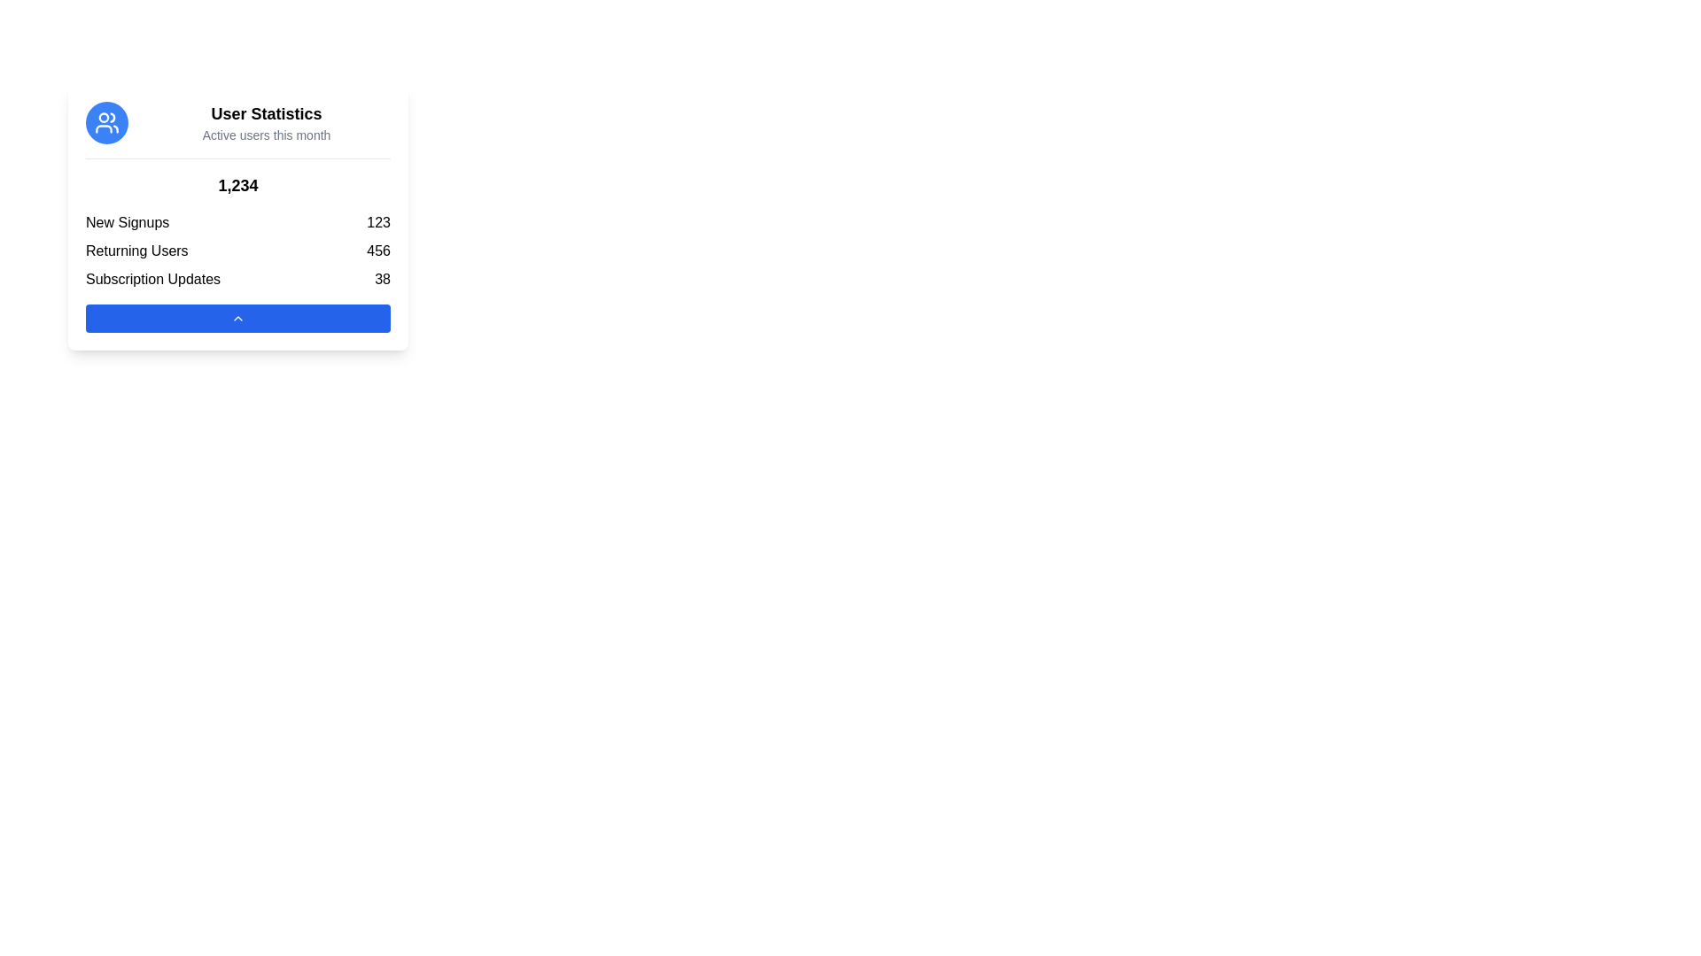 The width and height of the screenshot is (1701, 956). I want to click on the downward-pointing chevron icon, which is part of a blue button at the bottom of the card, so click(237, 317).